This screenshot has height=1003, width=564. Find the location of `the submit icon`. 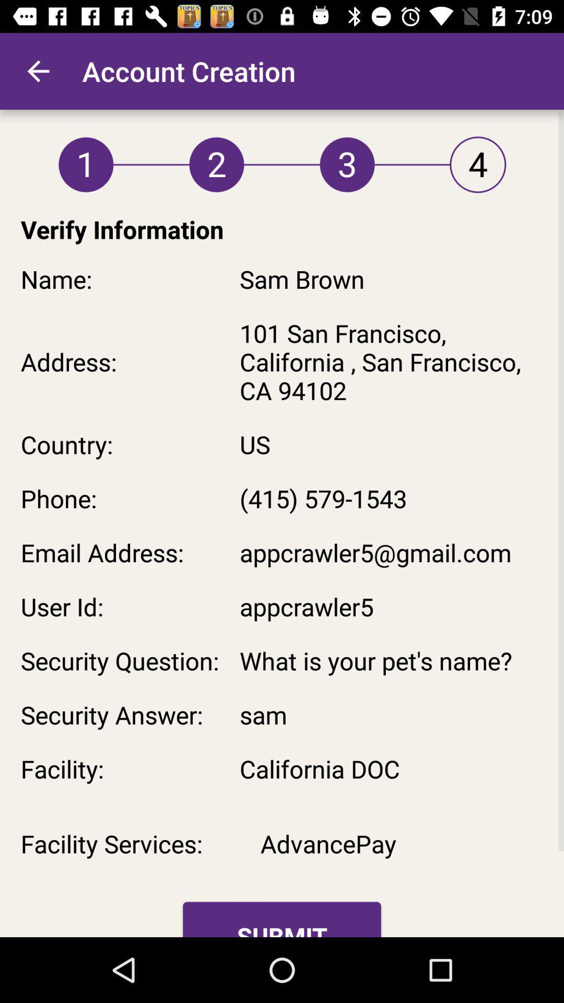

the submit icon is located at coordinates (282, 919).